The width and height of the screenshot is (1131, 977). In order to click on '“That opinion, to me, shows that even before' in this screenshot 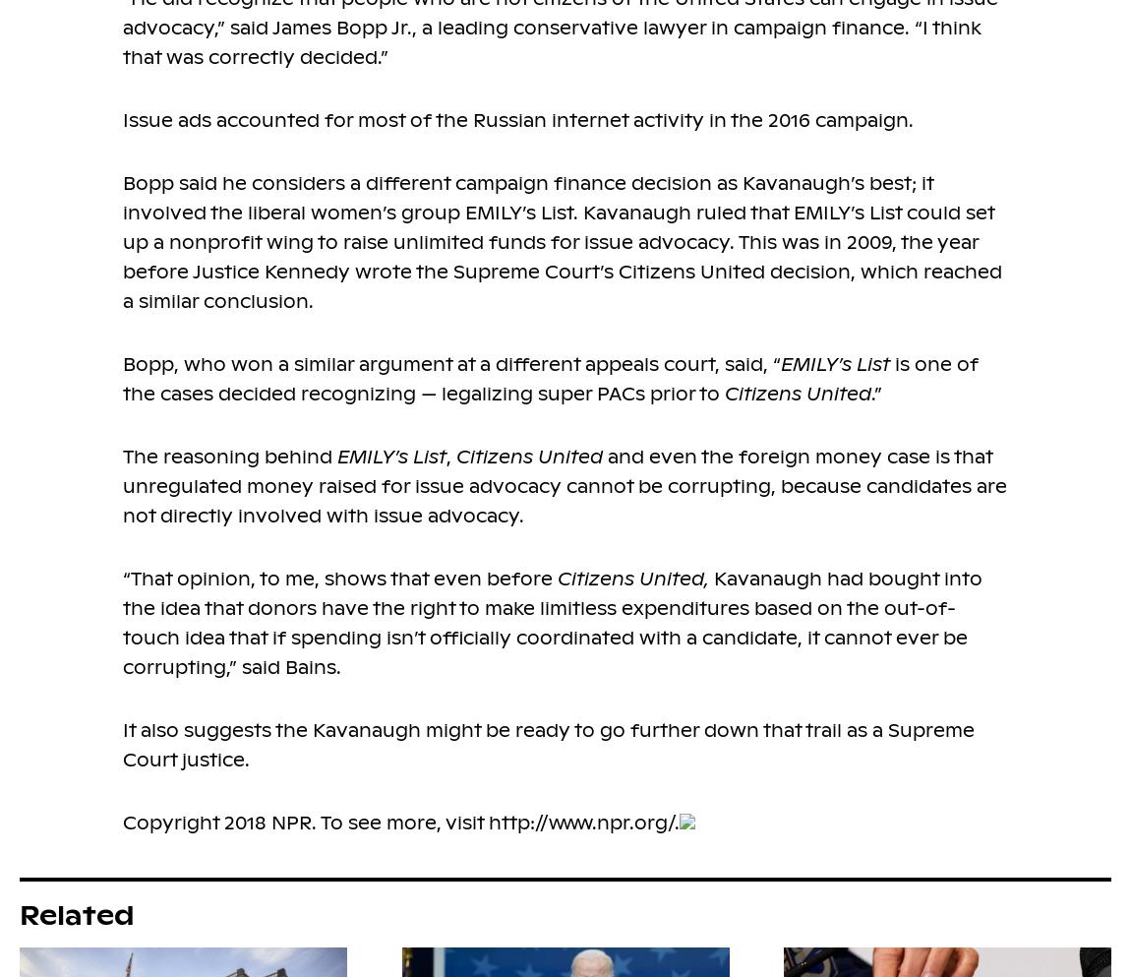, I will do `click(340, 579)`.